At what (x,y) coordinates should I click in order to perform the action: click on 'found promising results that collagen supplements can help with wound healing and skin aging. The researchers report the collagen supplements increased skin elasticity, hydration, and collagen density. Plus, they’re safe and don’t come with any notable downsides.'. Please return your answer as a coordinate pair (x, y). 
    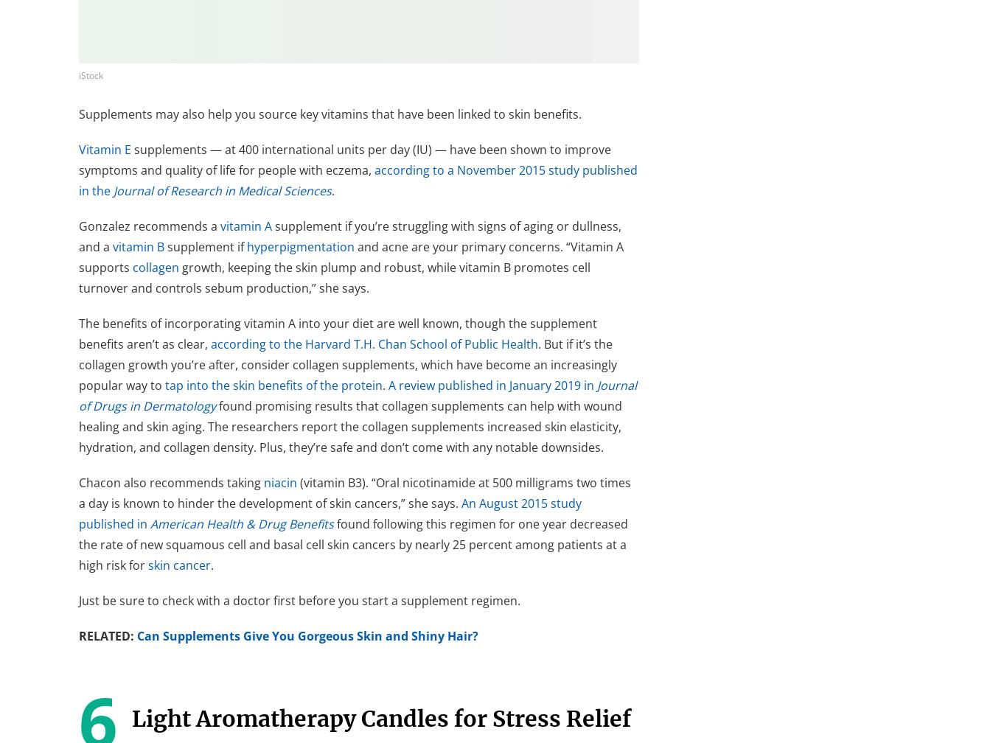
    Looking at the image, I should click on (350, 425).